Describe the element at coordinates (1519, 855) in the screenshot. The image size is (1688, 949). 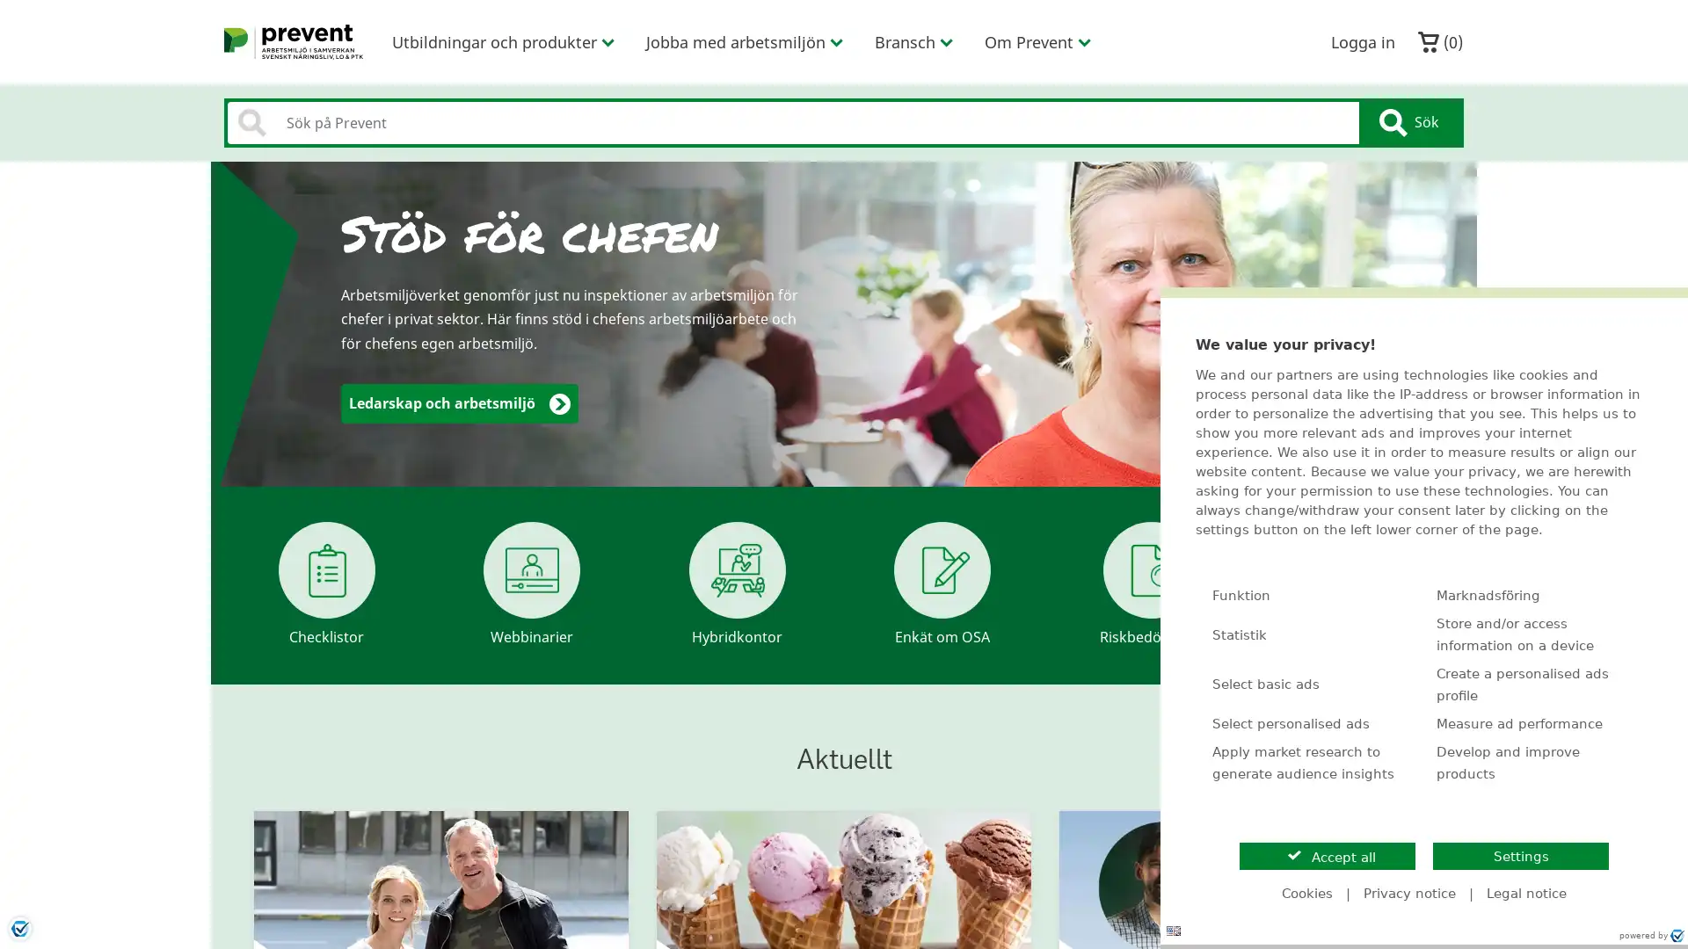
I see `Settings` at that location.